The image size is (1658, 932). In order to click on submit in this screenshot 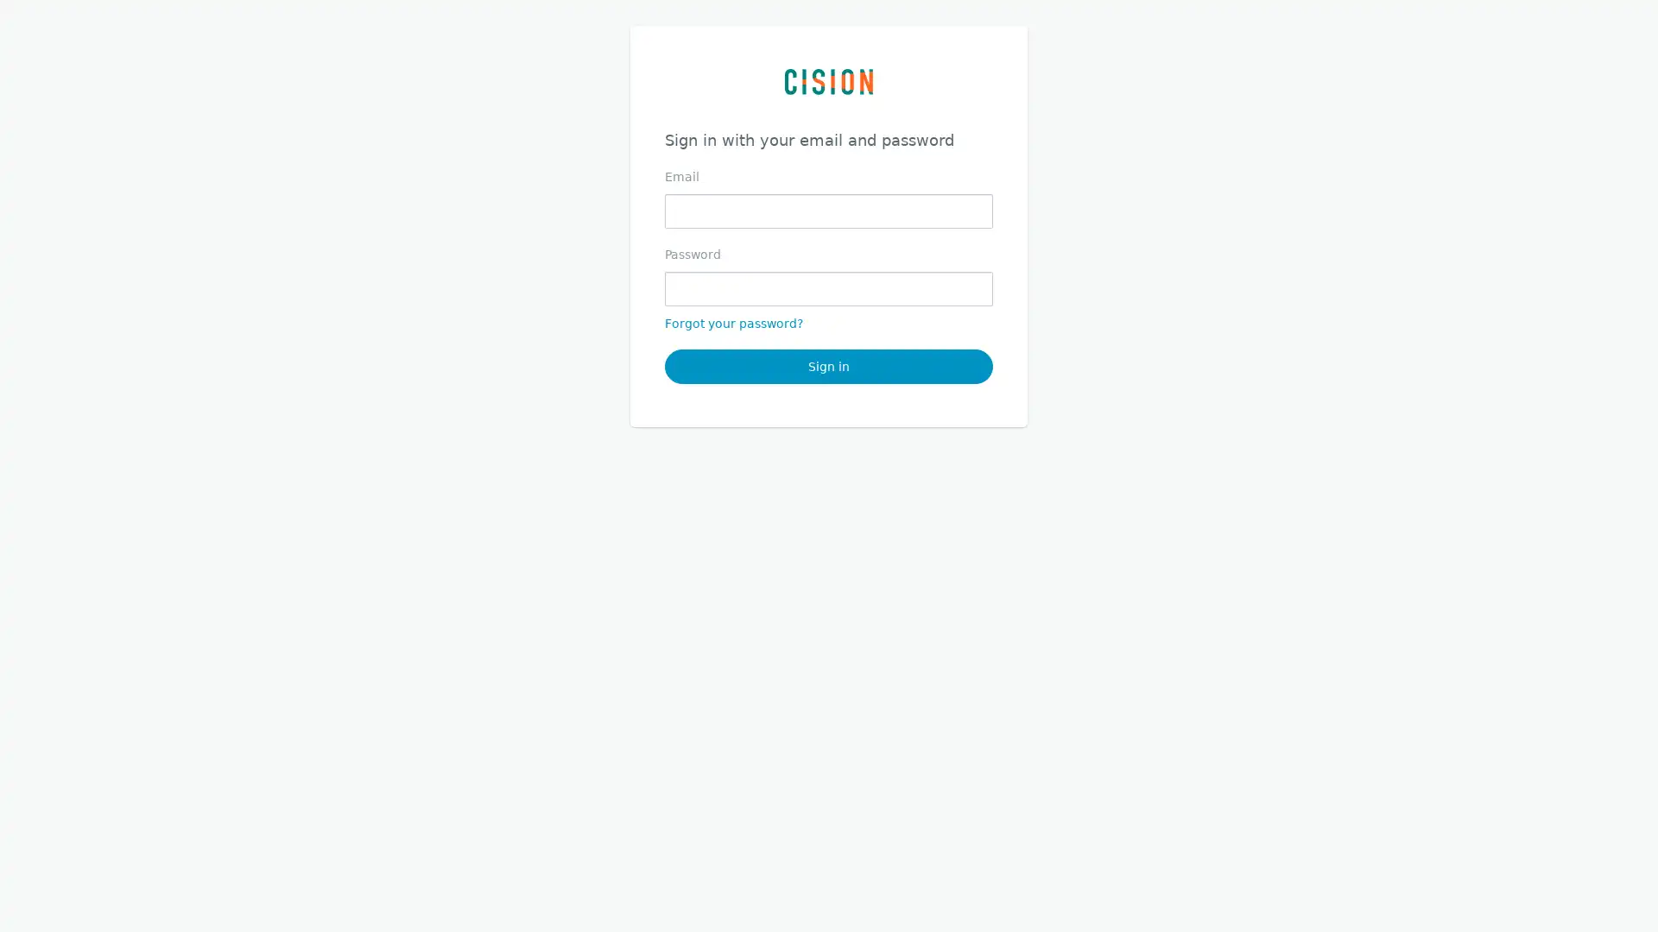, I will do `click(829, 365)`.